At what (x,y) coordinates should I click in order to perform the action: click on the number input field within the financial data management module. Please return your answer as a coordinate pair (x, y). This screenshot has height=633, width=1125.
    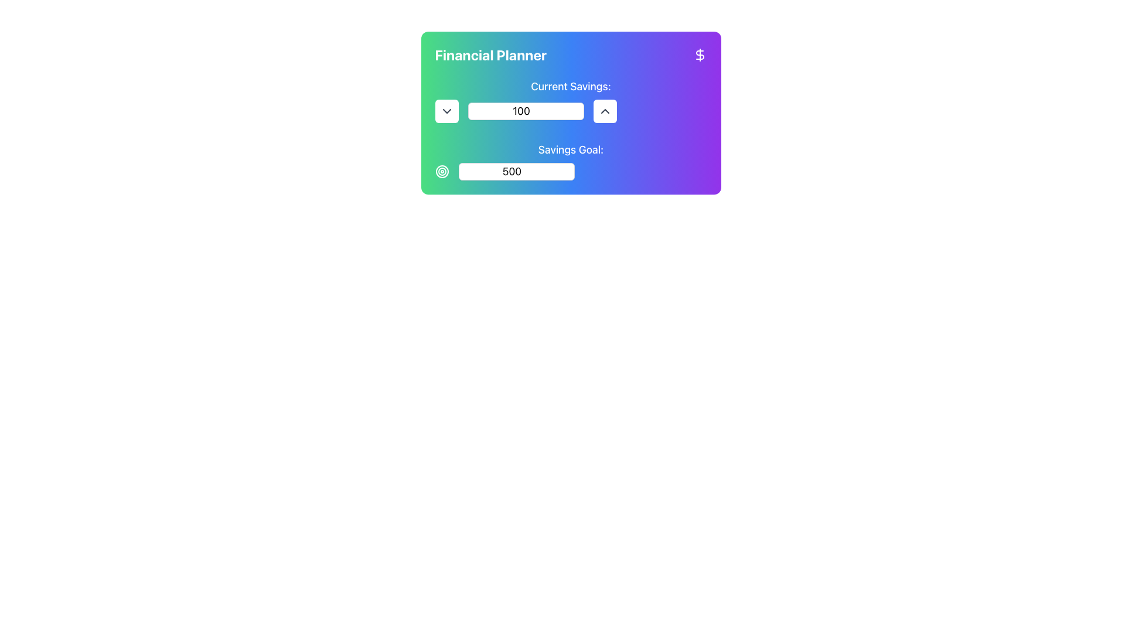
    Looking at the image, I should click on (571, 113).